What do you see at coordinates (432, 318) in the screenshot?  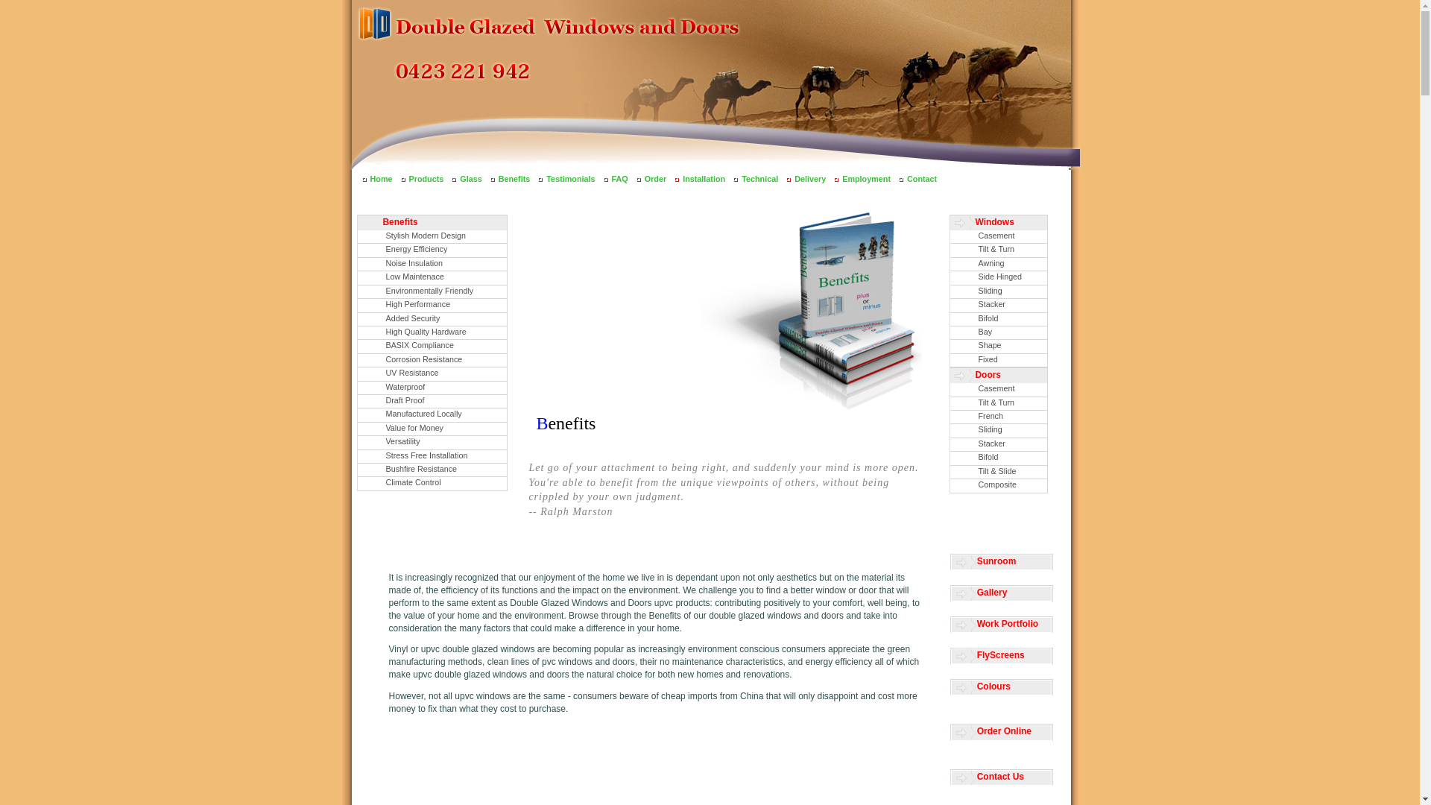 I see `'Added Security'` at bounding box center [432, 318].